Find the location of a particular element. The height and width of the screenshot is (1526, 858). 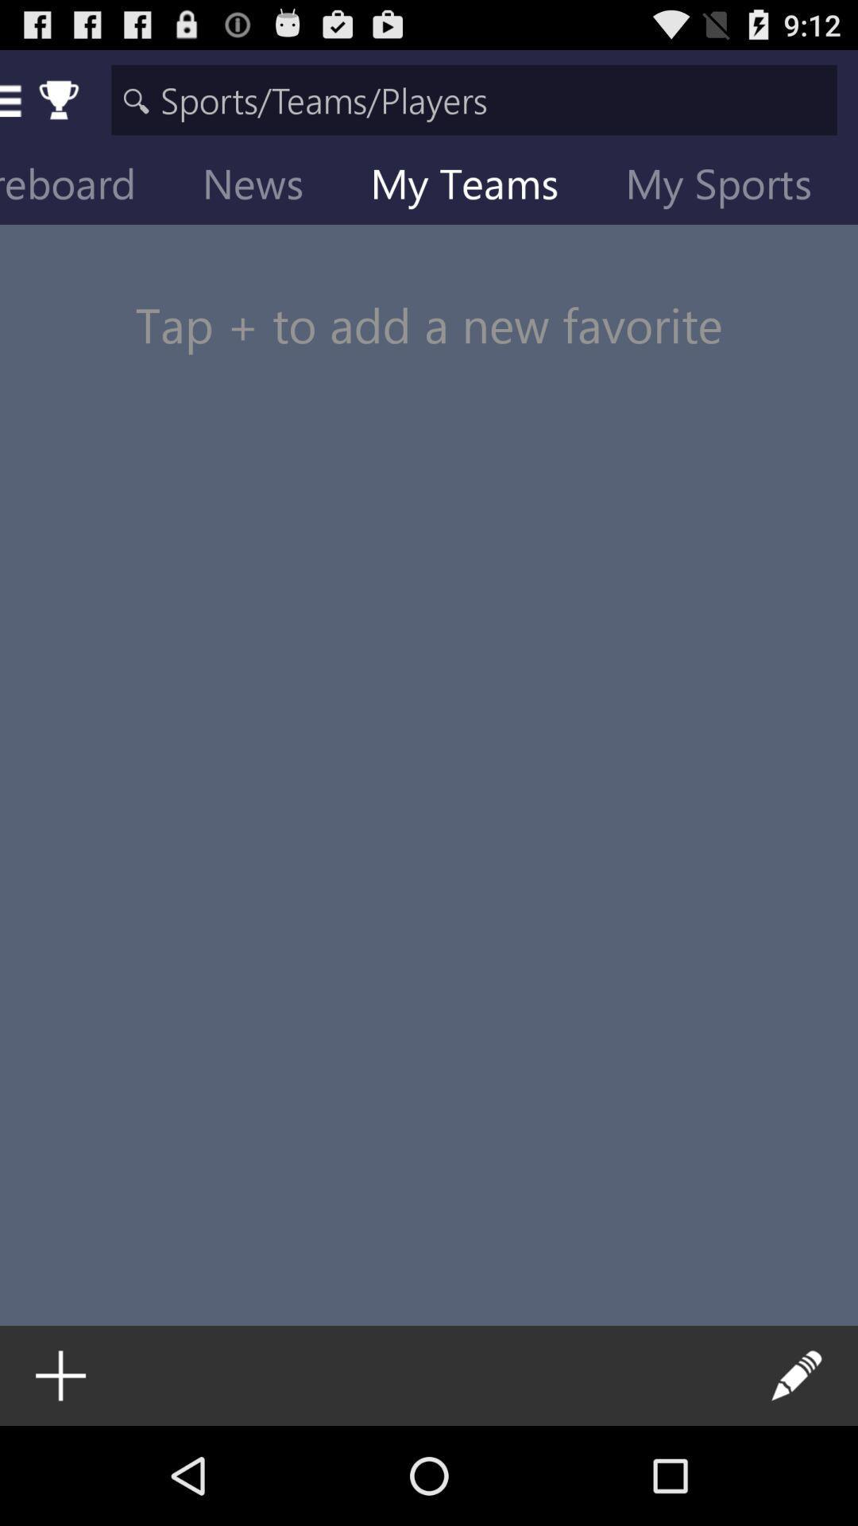

the icon next to scoreboard icon is located at coordinates (265, 187).